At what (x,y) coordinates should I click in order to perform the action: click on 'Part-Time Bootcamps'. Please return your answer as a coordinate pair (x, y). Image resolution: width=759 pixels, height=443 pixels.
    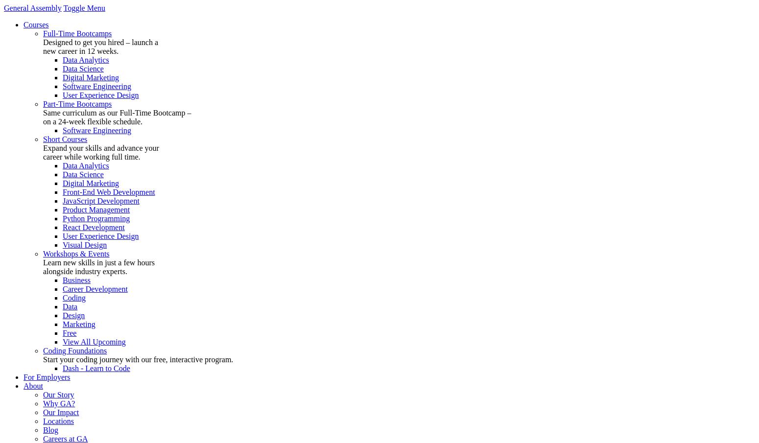
    Looking at the image, I should click on (43, 103).